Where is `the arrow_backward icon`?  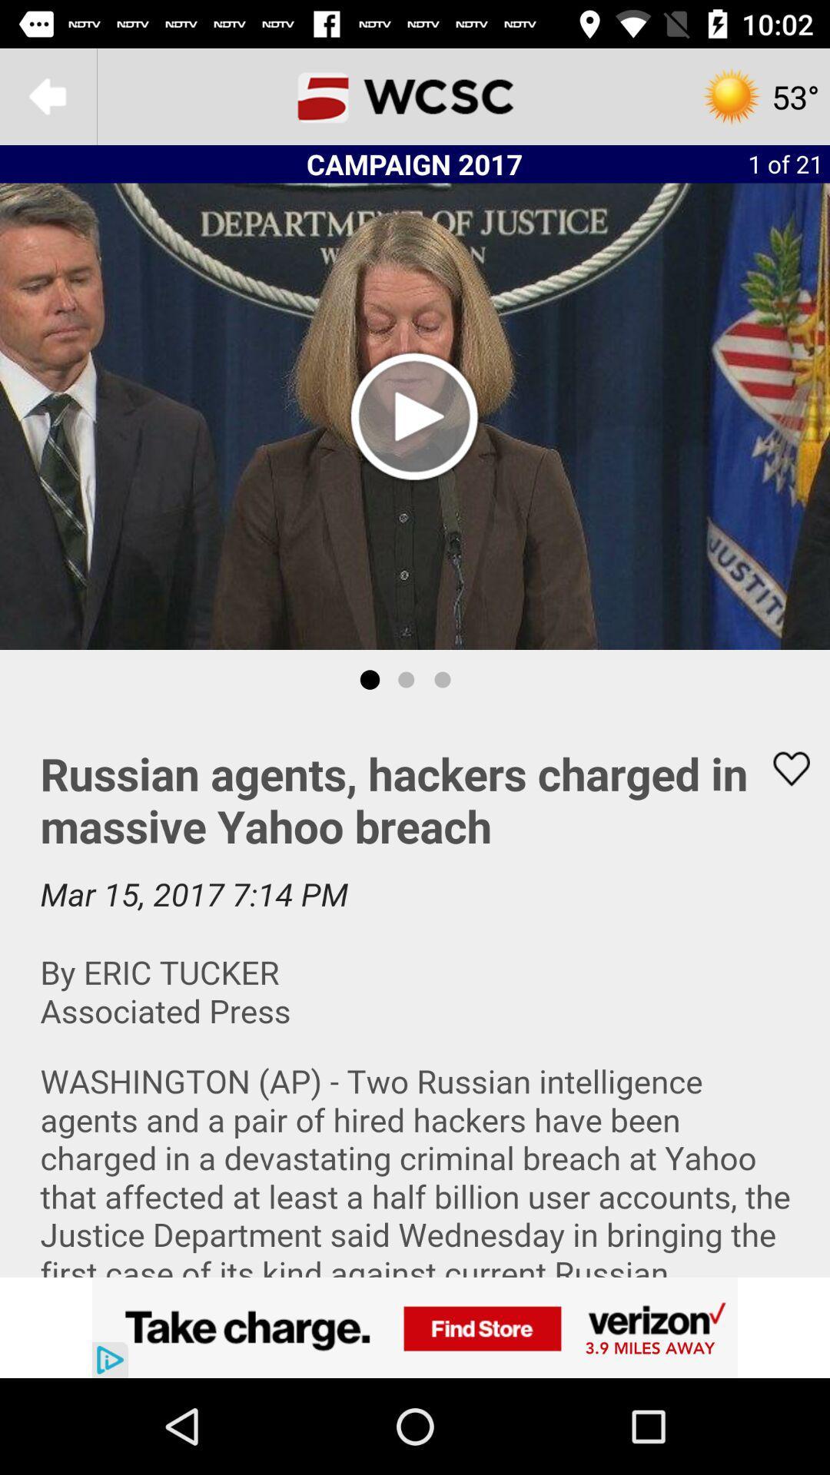 the arrow_backward icon is located at coordinates (47, 95).